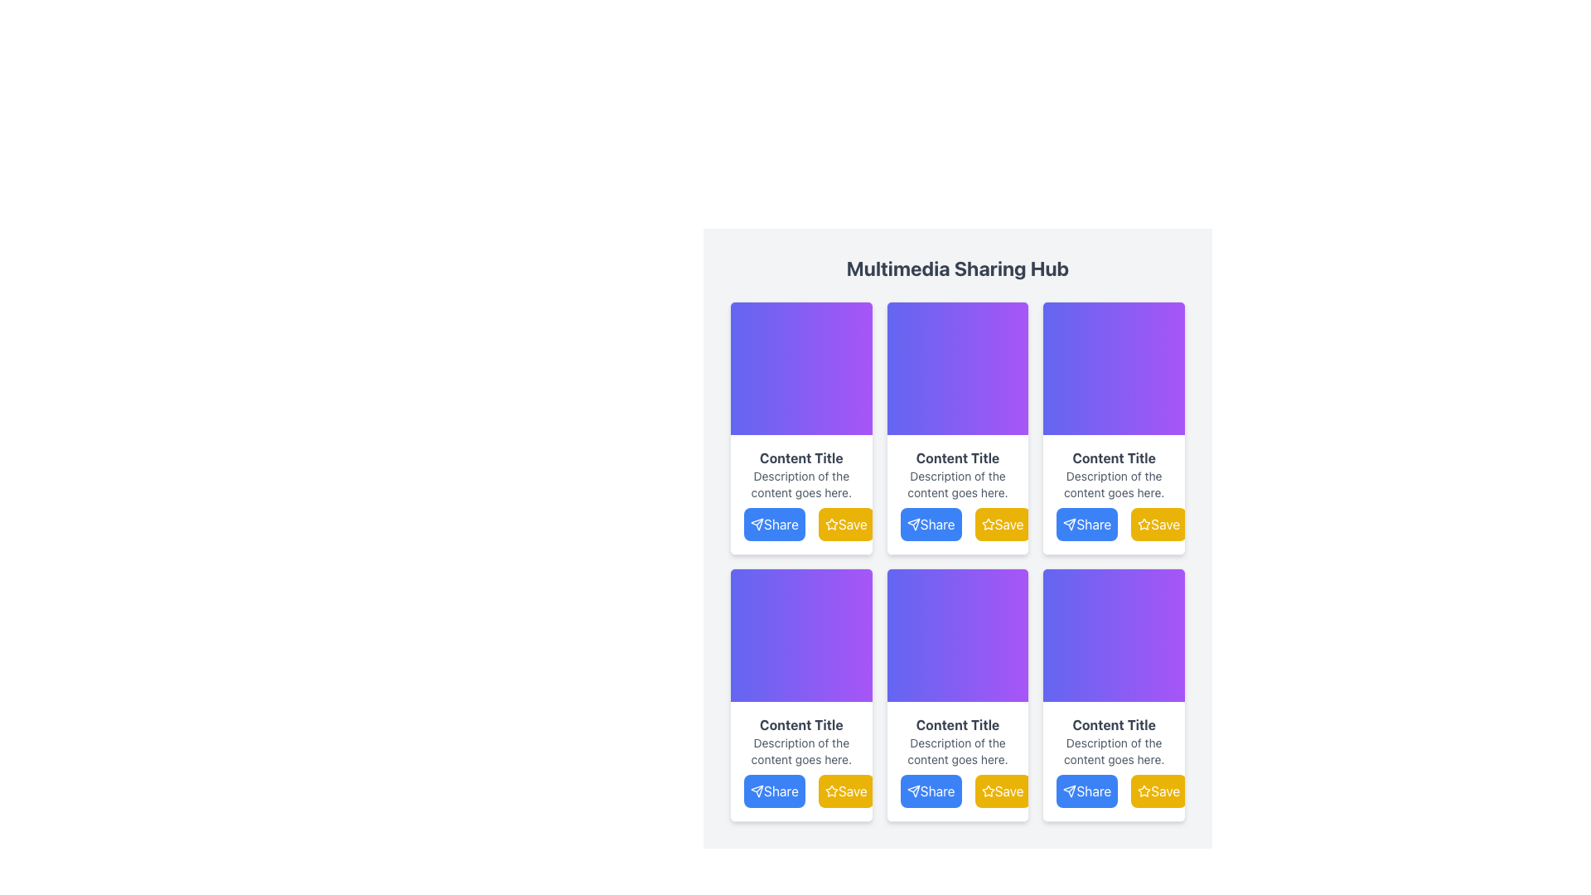  Describe the element at coordinates (958, 427) in the screenshot. I see `the 'Save' button on the Content card located in the second column of the first row of the grid layout` at that location.